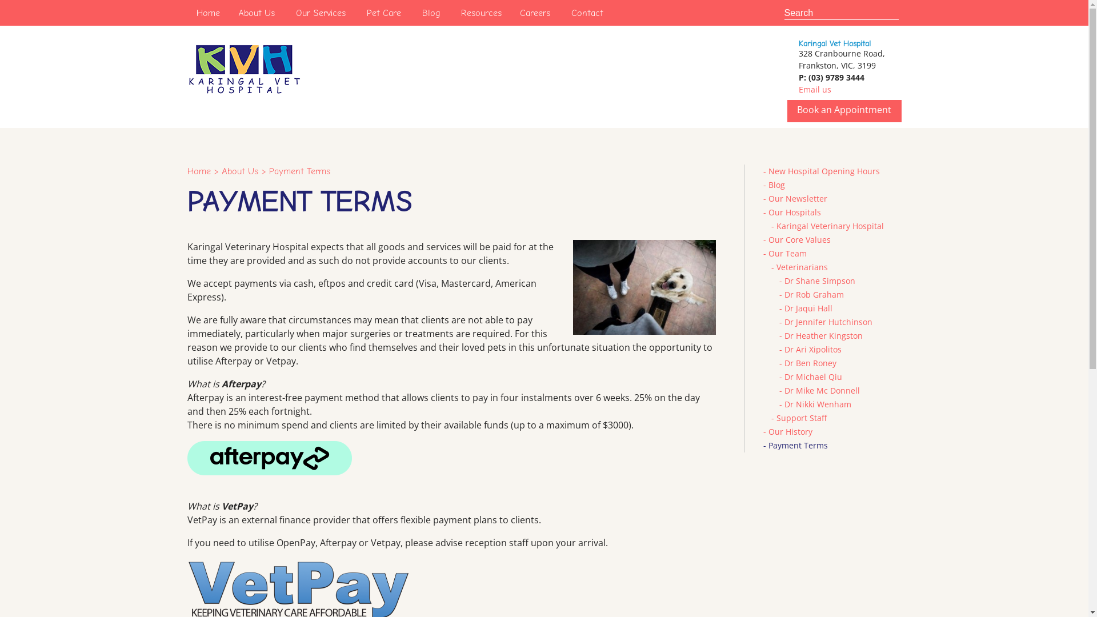 The width and height of the screenshot is (1097, 617). What do you see at coordinates (821, 390) in the screenshot?
I see `'Dr Mike Mc Donnell'` at bounding box center [821, 390].